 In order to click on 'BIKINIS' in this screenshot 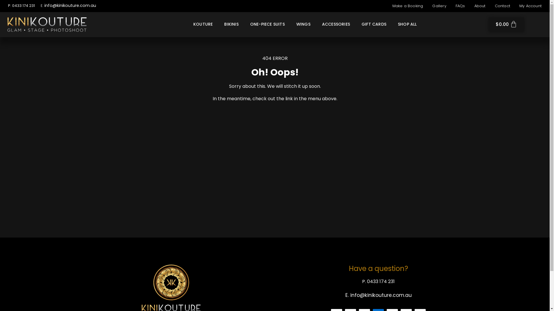, I will do `click(231, 24)`.